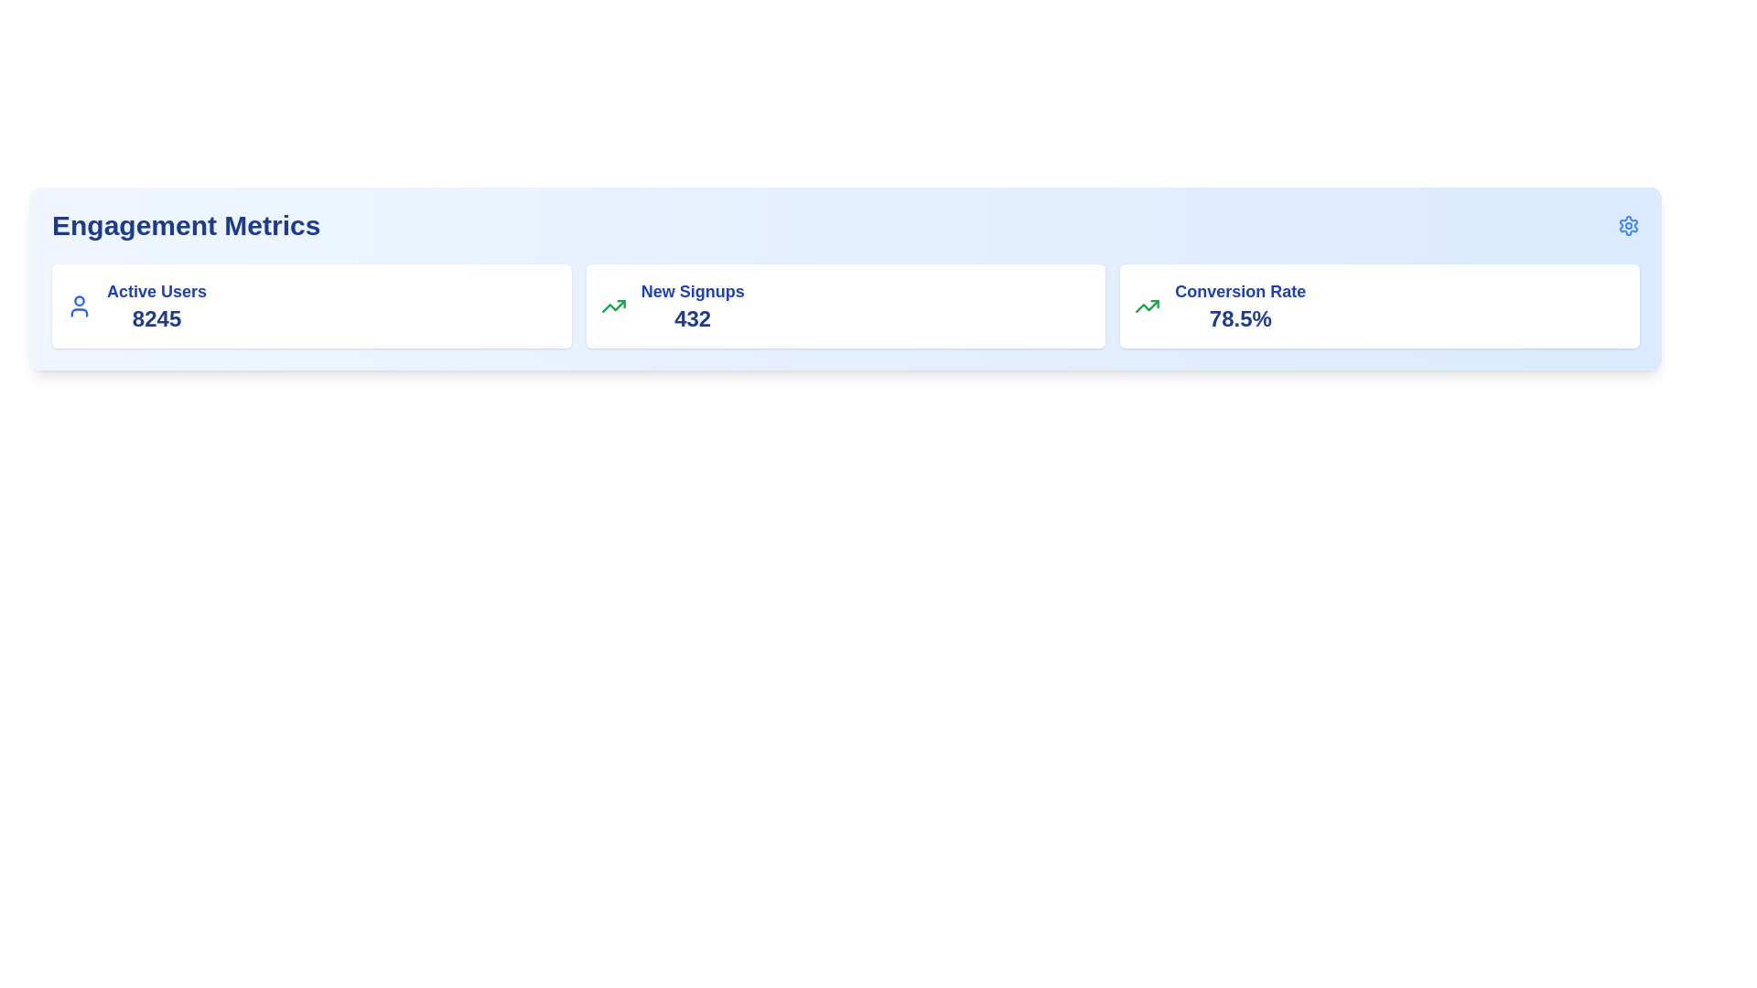 Image resolution: width=1757 pixels, height=988 pixels. Describe the element at coordinates (613, 306) in the screenshot. I see `the upward-trending arrow icon located to the immediate left of the text 'Conversion Rate' in the metrics display panel, which indicates a positive trend in the metric` at that location.